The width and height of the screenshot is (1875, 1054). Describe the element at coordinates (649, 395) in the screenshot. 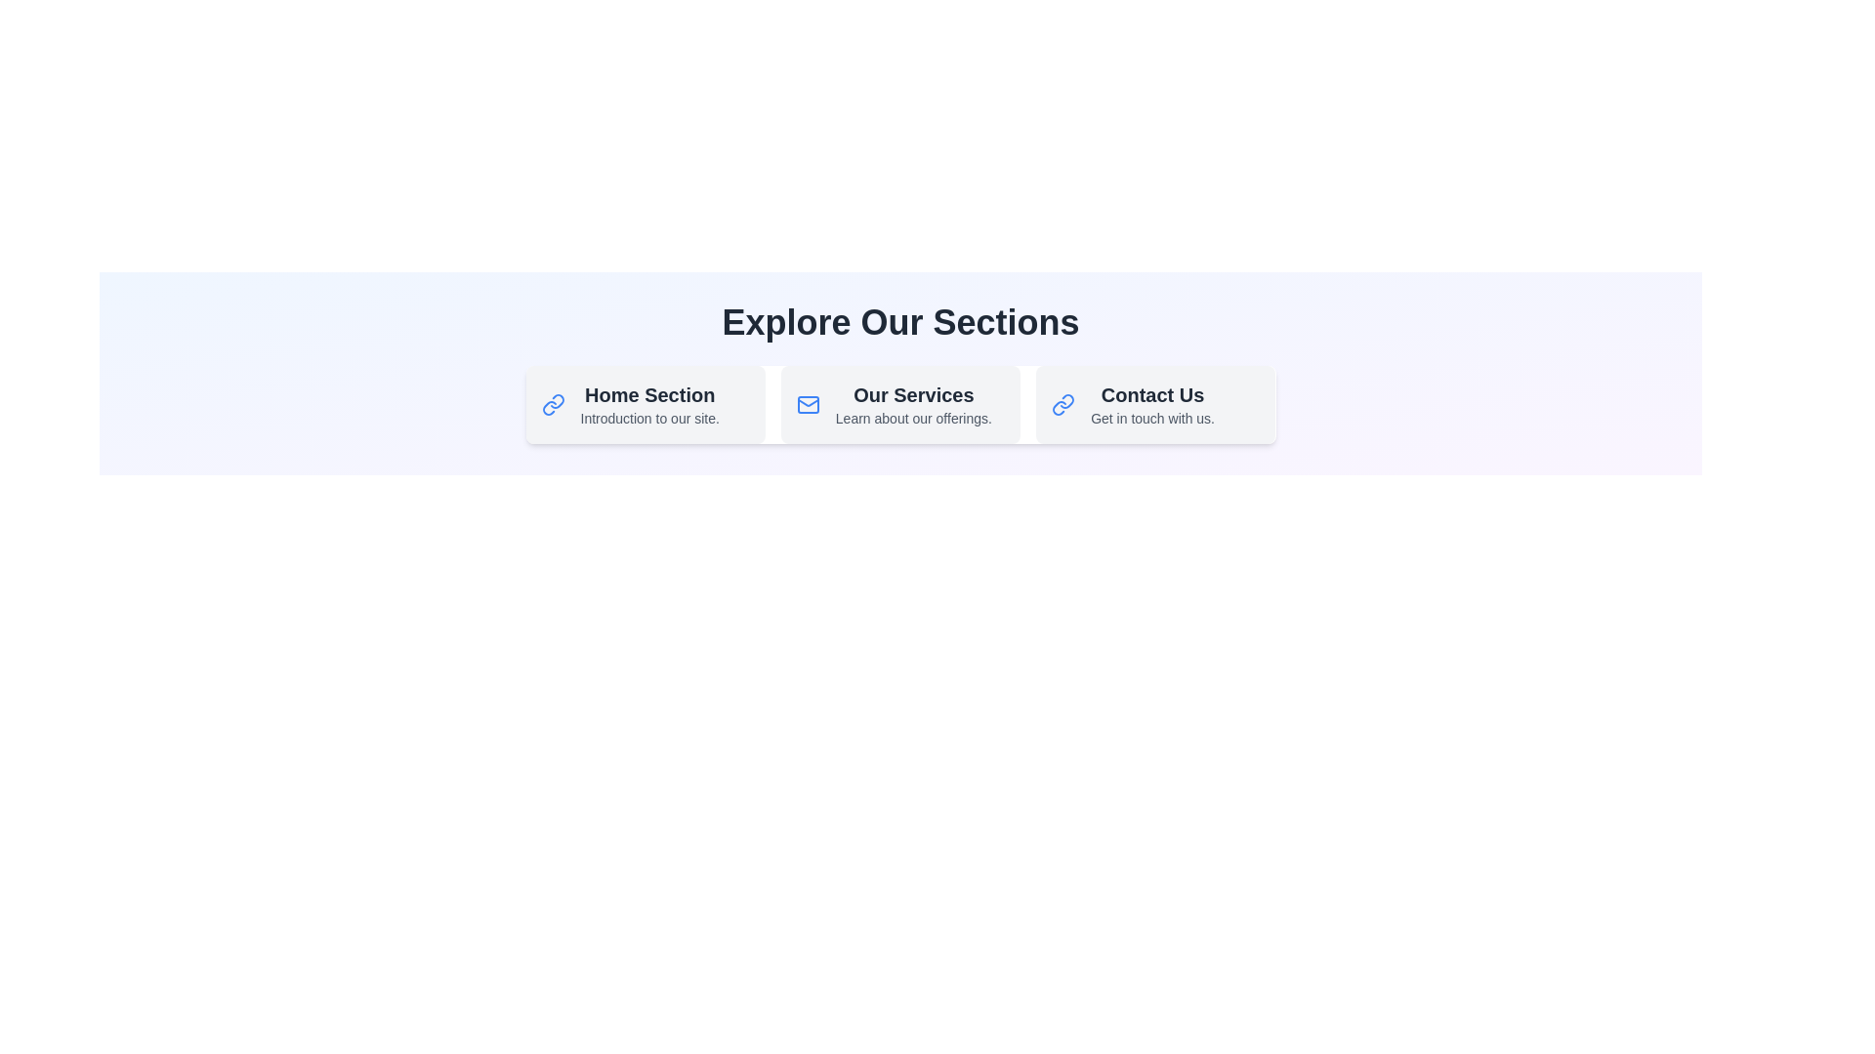

I see `the Heading text element located in the middle-left of the visible area` at that location.